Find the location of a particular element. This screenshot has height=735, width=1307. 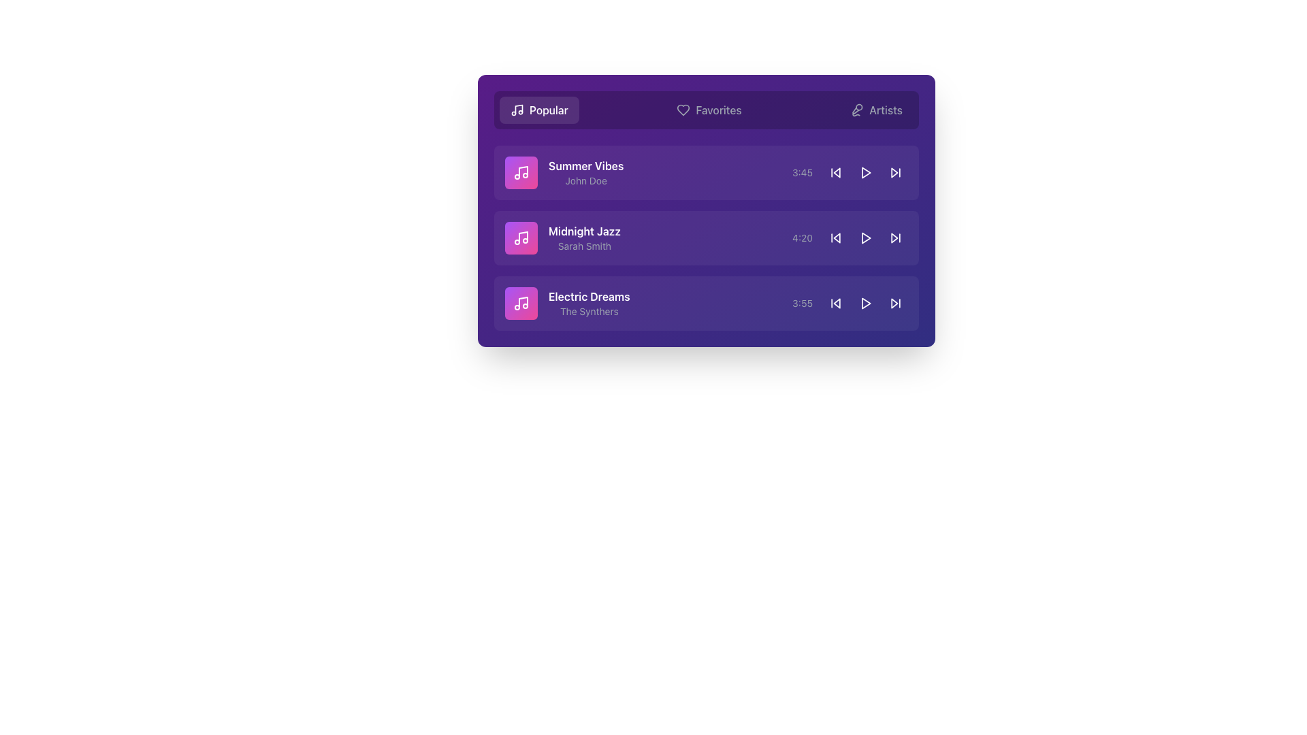

the skip-backward button located in the control section to the right of 'Midnight Jazz' by Sarah Smith is located at coordinates (835, 238).